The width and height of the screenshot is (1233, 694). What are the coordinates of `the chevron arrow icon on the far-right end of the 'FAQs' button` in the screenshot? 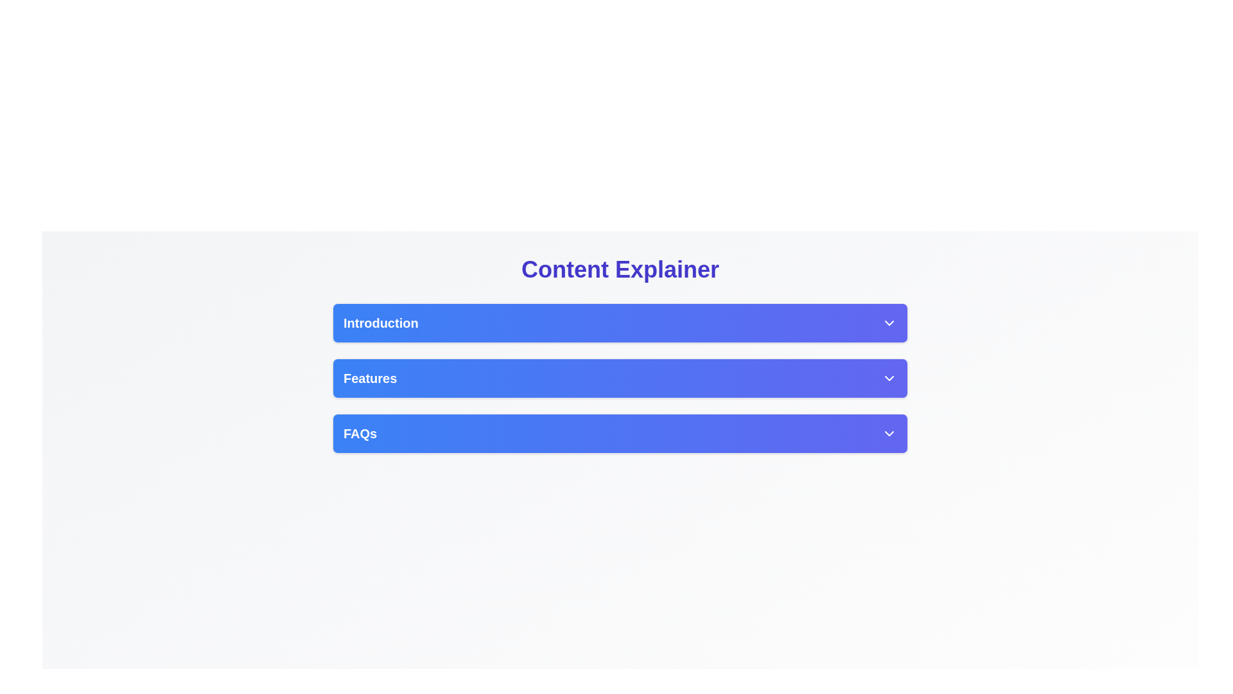 It's located at (889, 434).